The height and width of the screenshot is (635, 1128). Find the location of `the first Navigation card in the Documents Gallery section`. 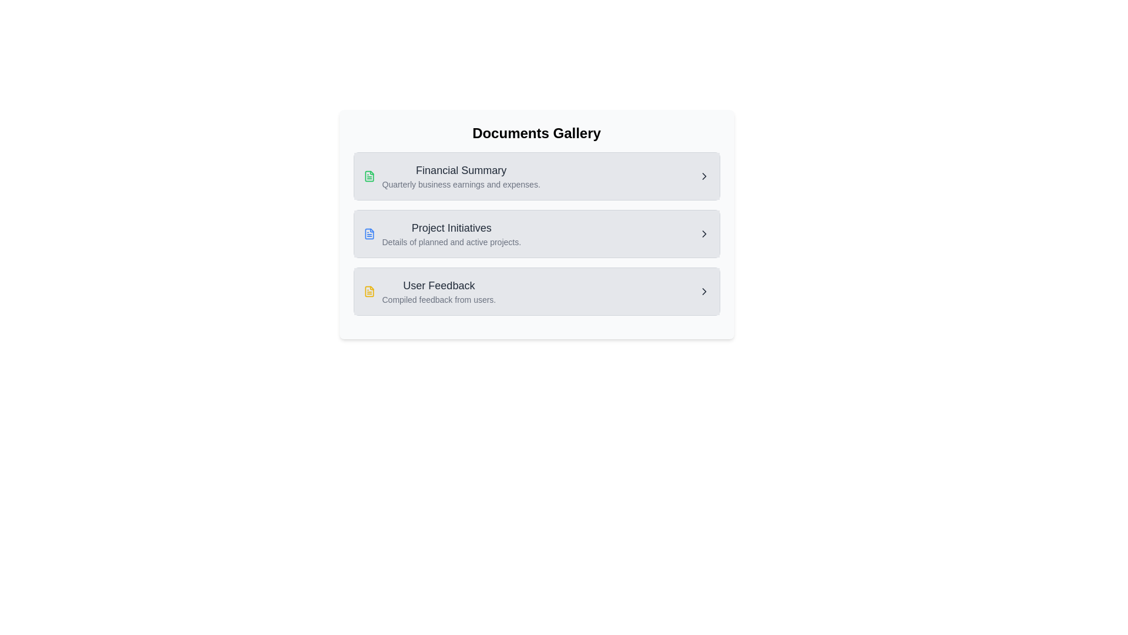

the first Navigation card in the Documents Gallery section is located at coordinates (536, 176).